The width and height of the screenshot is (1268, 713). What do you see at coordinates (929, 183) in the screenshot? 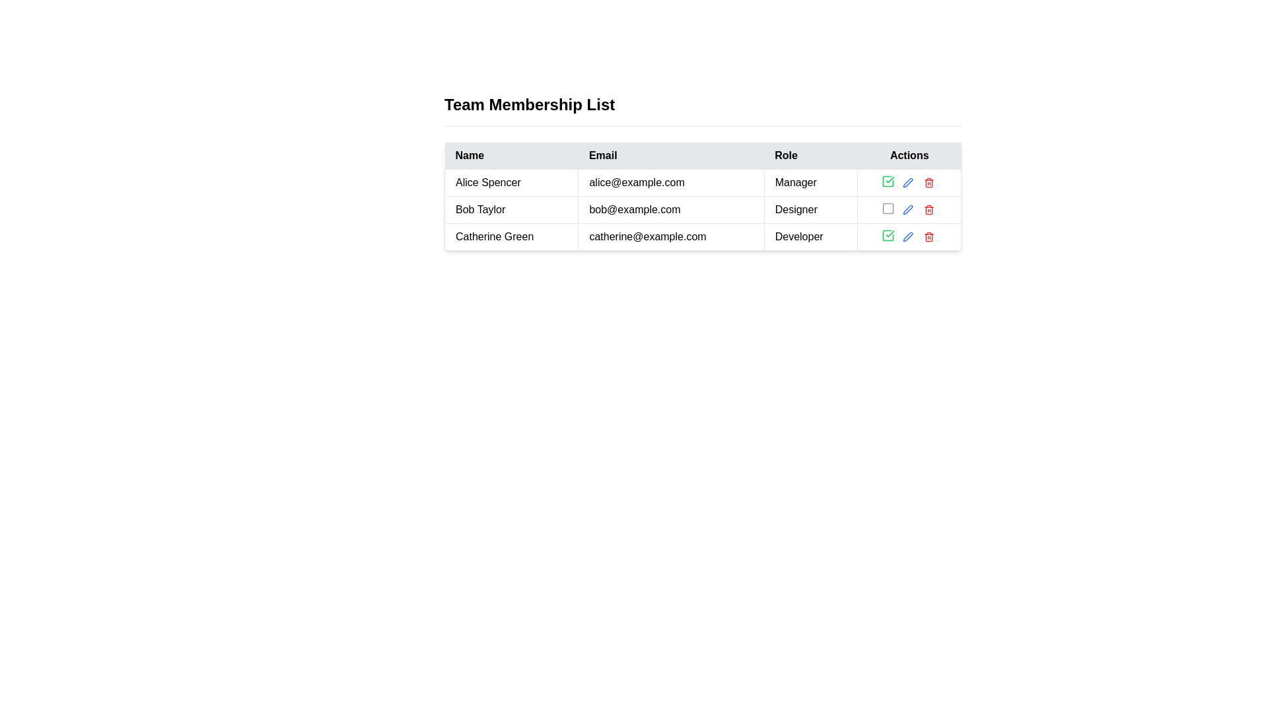
I see `the delete icon button in the 'Actions' column of the first row, aligned with 'Alice Spencer'` at bounding box center [929, 183].